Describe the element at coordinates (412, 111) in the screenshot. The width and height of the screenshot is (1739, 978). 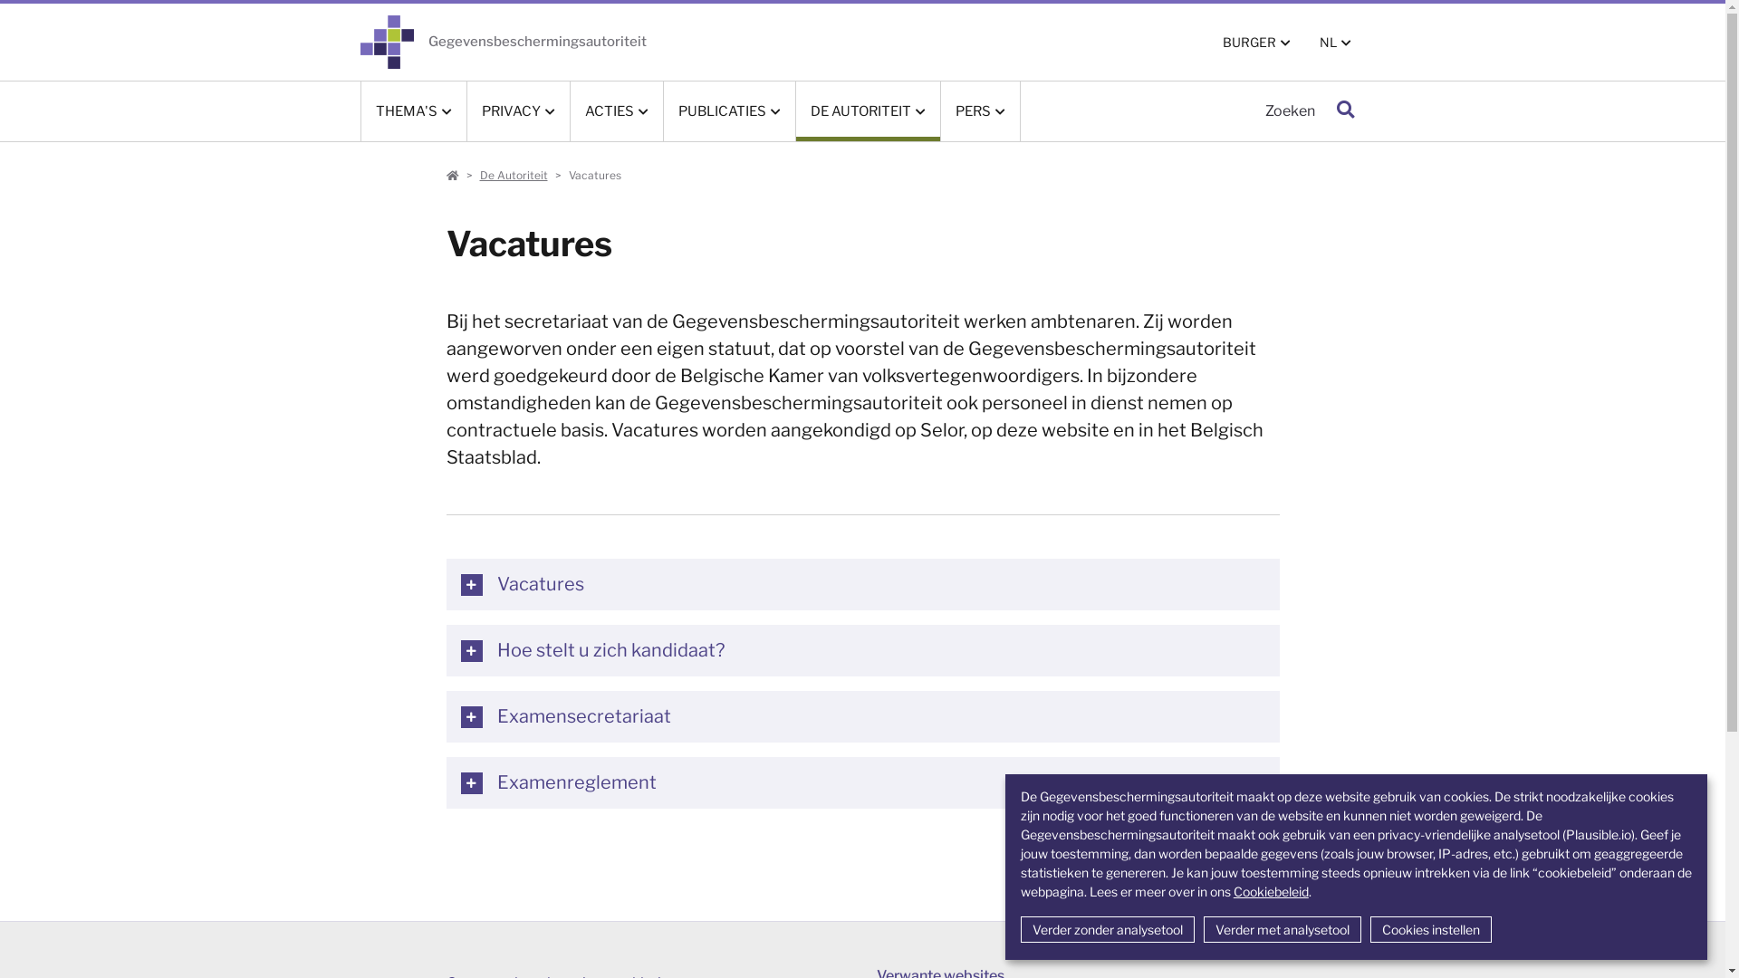
I see `'THEMA'S'` at that location.